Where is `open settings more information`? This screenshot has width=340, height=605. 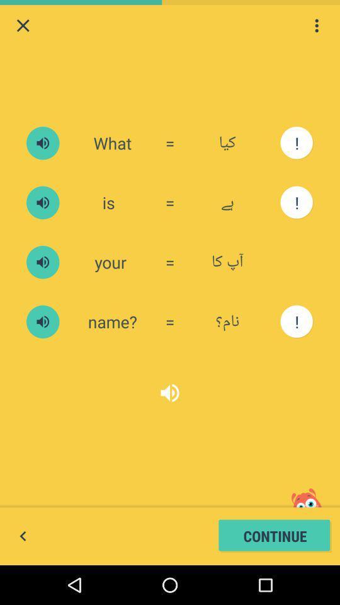
open settings more information is located at coordinates (316, 25).